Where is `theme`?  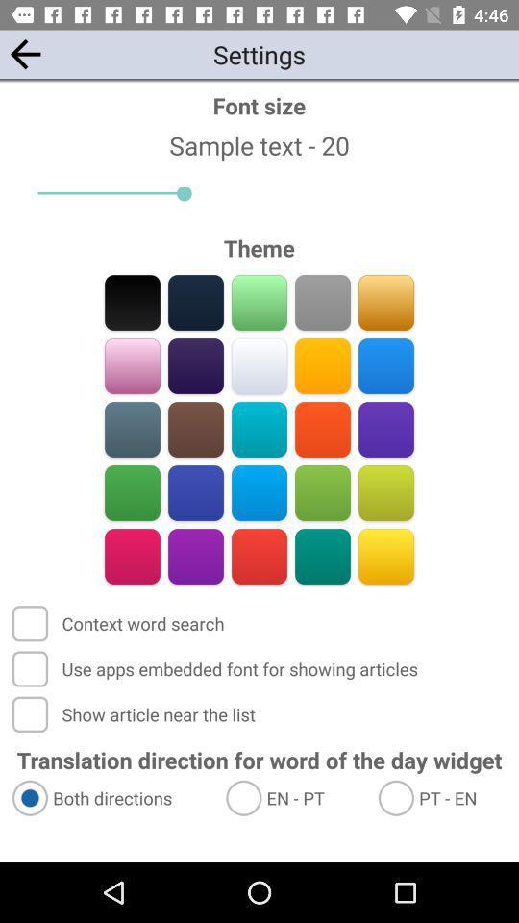 theme is located at coordinates (132, 365).